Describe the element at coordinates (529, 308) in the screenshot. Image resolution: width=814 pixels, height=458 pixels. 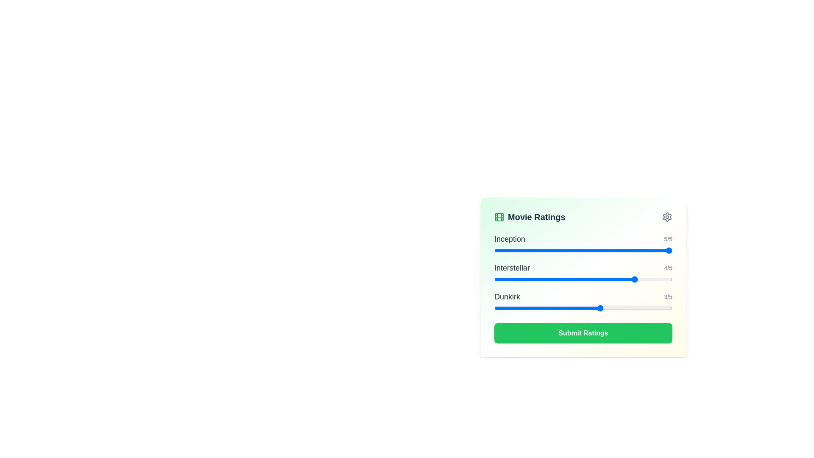
I see `the Dunkirk movie rating` at that location.